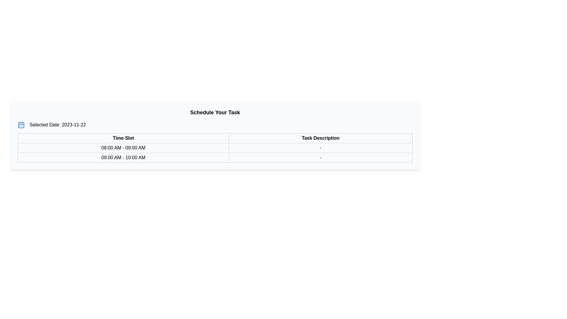 The height and width of the screenshot is (319, 567). What do you see at coordinates (123, 157) in the screenshot?
I see `the text label displaying the time interval '09:00 AM - 10:00 AM' located in the second row of the 'Time Slot' table` at bounding box center [123, 157].